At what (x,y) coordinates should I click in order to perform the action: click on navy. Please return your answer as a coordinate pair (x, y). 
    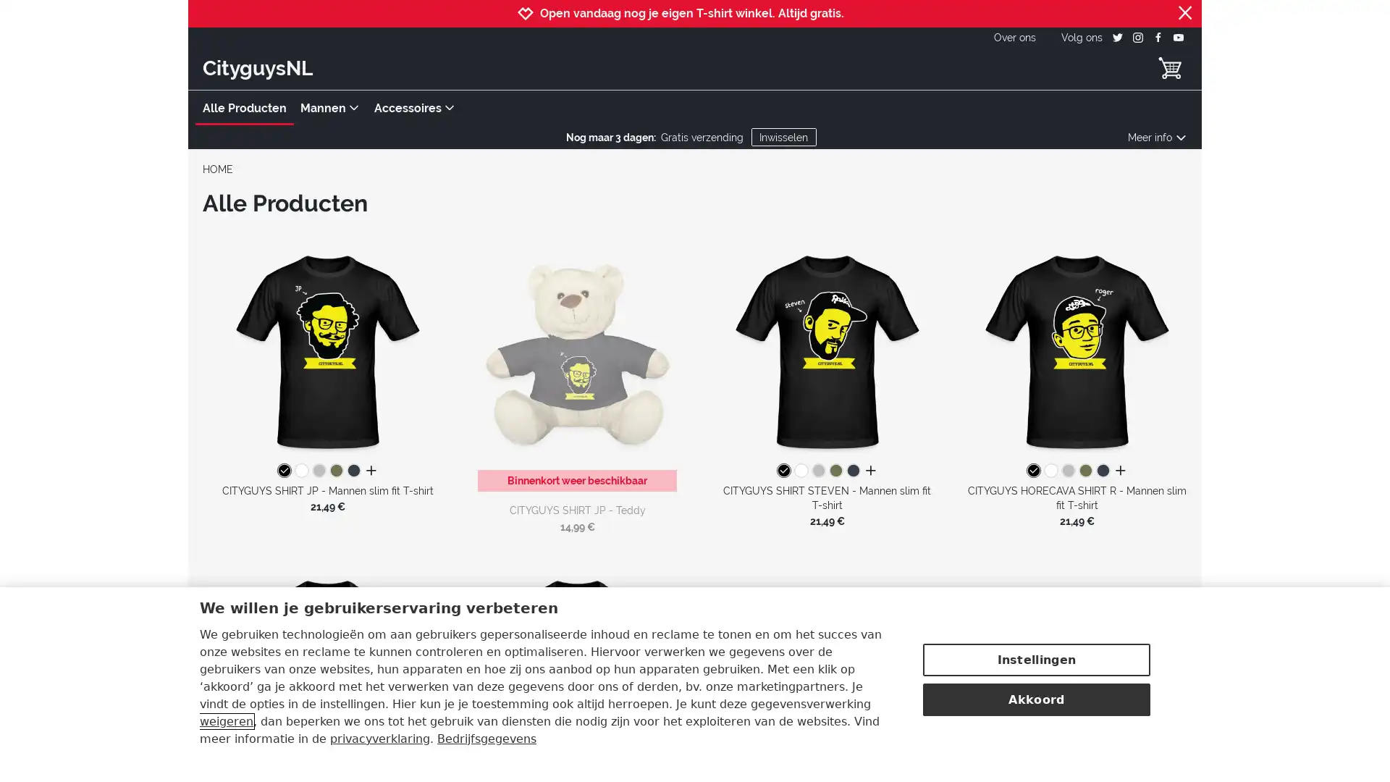
    Looking at the image, I should click on (852, 471).